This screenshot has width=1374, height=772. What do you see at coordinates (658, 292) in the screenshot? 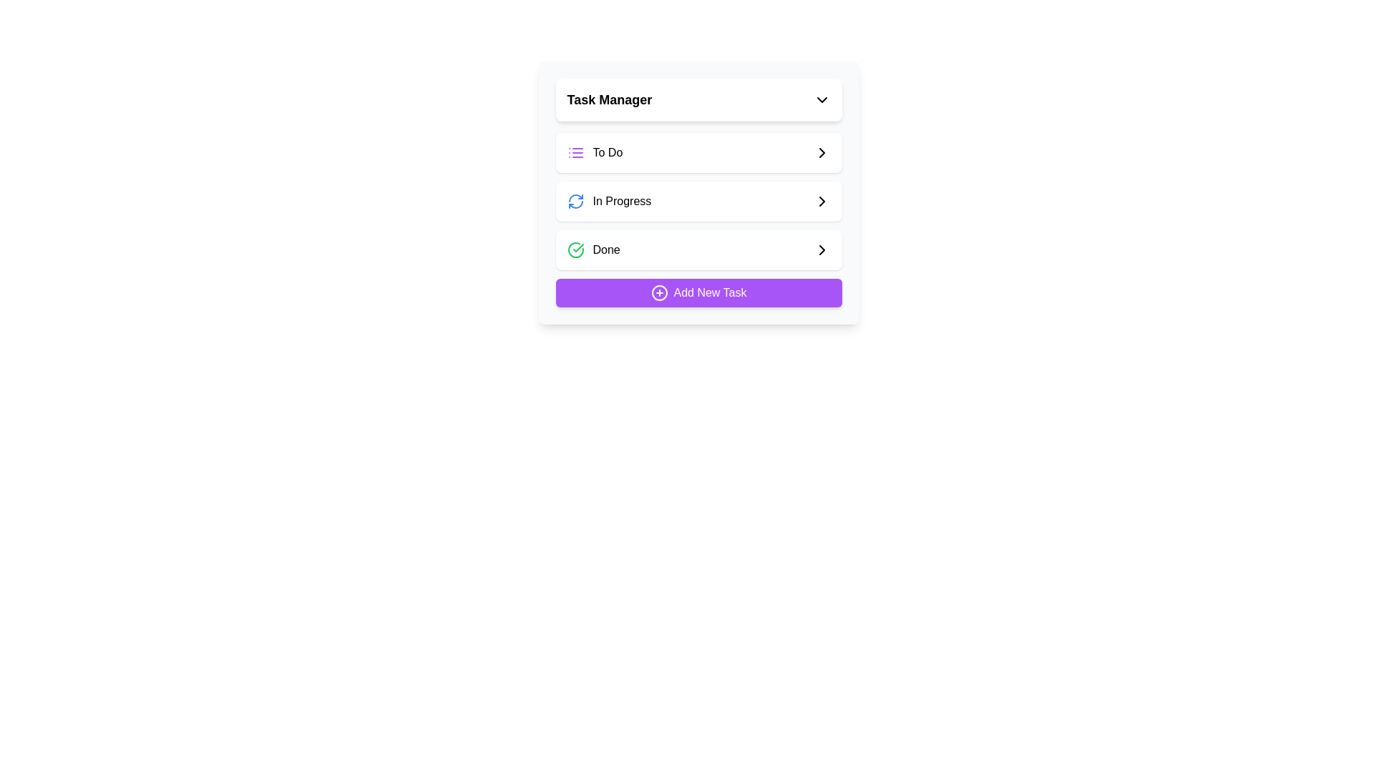
I see `the SVG circle element that indicates the 'Add New Task' action, located on the right side of the button` at bounding box center [658, 292].